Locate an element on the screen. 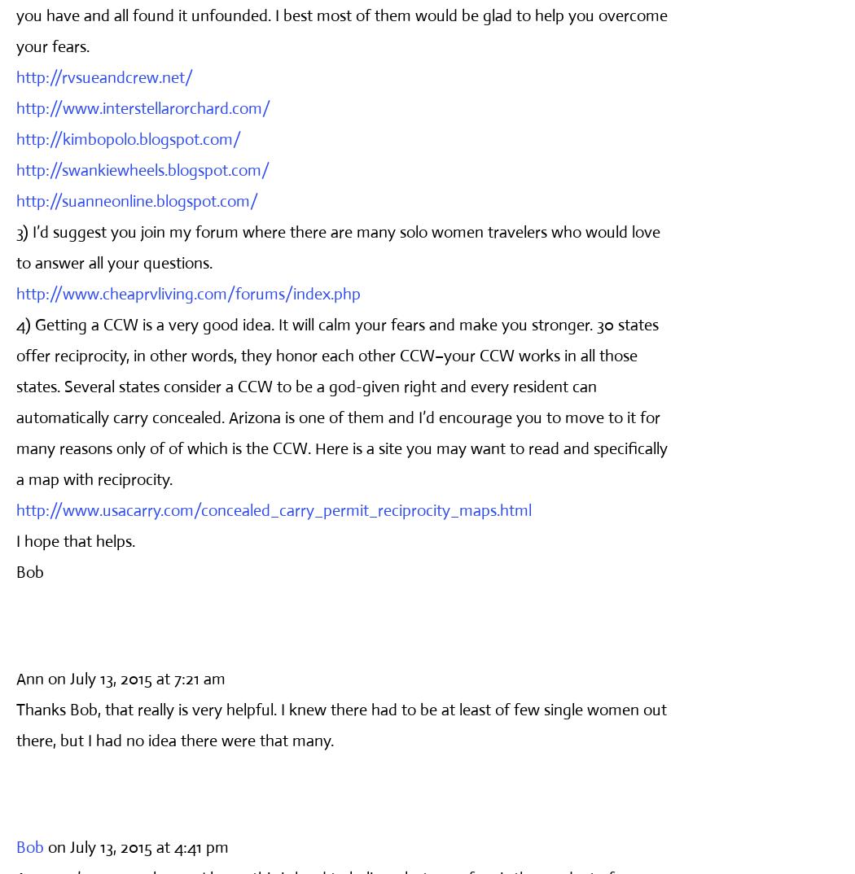  'http://rvsueandcrew.net/' is located at coordinates (103, 76).